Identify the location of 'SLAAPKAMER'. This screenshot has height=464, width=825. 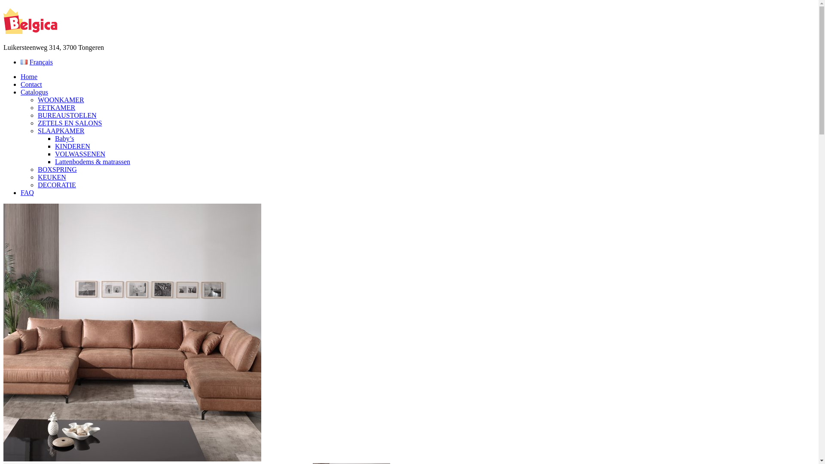
(61, 131).